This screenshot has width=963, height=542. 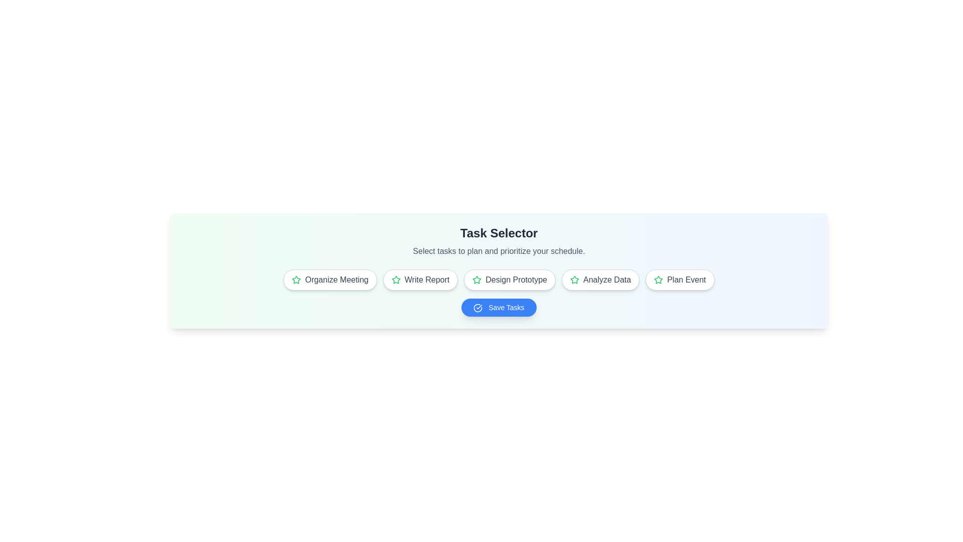 I want to click on the task Organize Meeting to select it, so click(x=330, y=280).